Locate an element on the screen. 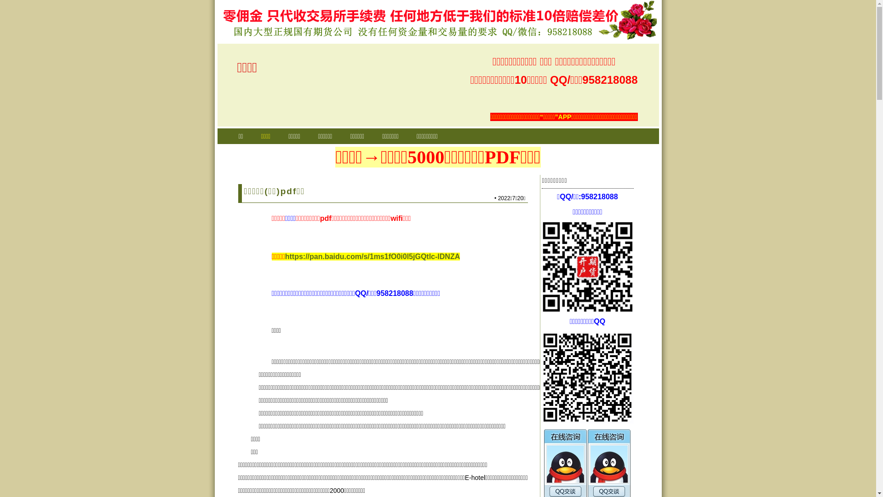  'https://pan.baidu.com/s/1ms1fO0i0l5jGQtlc-lDNZA' is located at coordinates (373, 256).